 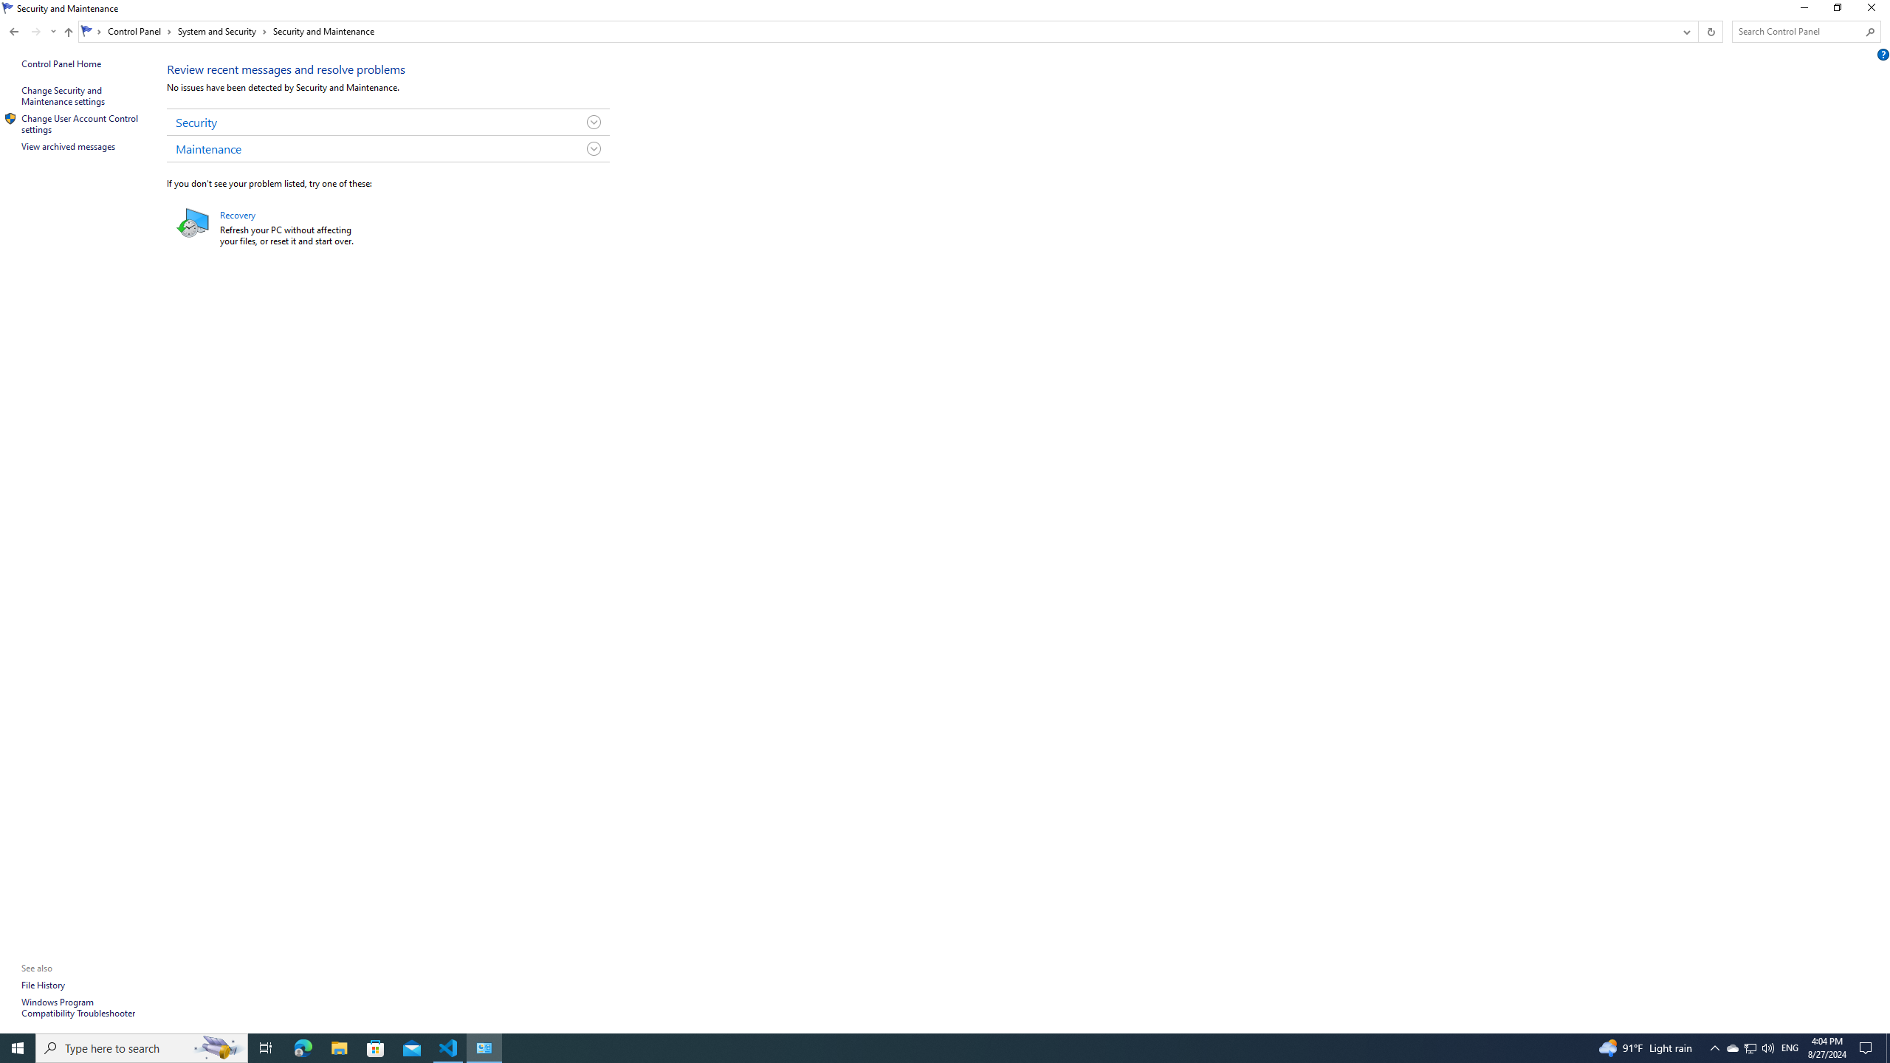 I want to click on 'Previous Locations', so click(x=1685, y=31).